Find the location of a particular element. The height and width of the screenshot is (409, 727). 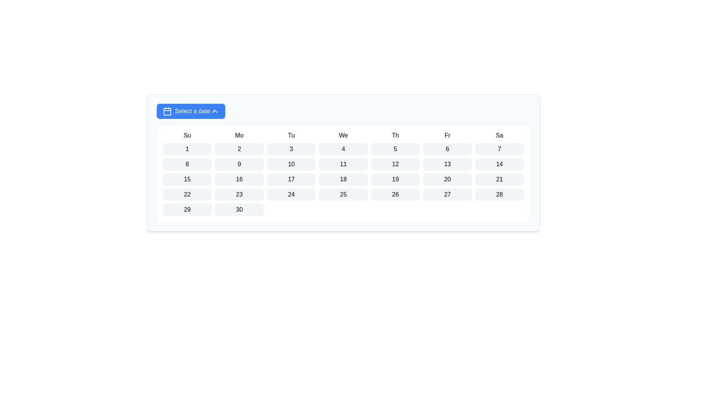

the date button in the calendar grid located in the first column of the fourth row to change its background color is located at coordinates (187, 194).